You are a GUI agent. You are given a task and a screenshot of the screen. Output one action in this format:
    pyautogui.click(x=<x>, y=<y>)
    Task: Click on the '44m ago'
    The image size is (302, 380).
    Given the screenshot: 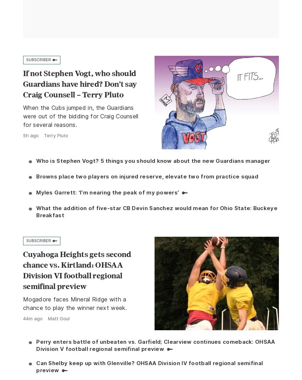 What is the action you would take?
    pyautogui.click(x=32, y=318)
    